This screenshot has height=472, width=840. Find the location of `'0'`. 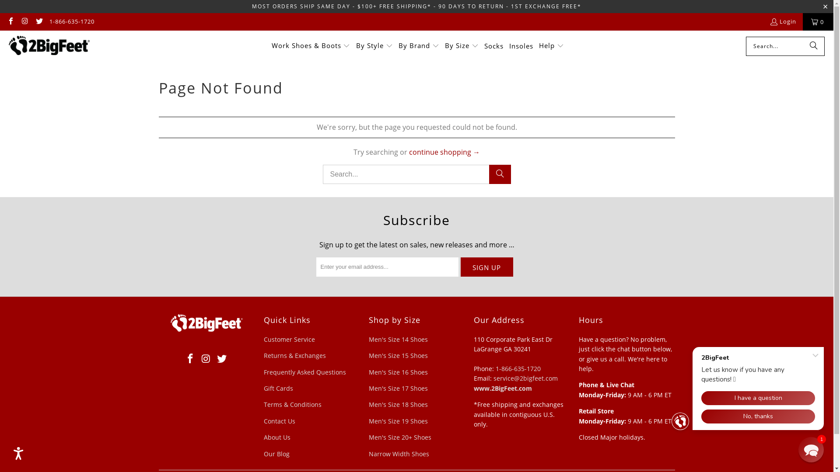

'0' is located at coordinates (818, 21).